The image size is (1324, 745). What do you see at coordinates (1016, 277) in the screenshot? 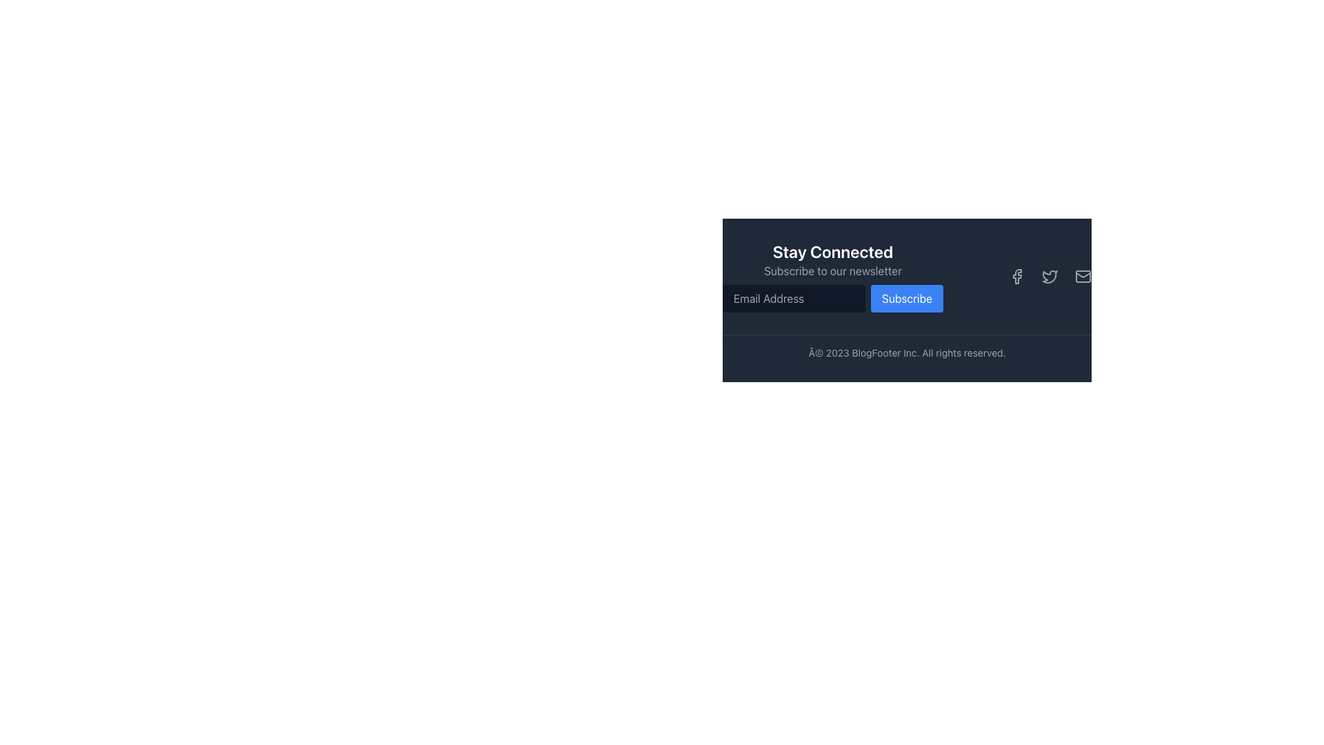
I see `the leftmost Facebook icon in the group of footer social media links` at bounding box center [1016, 277].